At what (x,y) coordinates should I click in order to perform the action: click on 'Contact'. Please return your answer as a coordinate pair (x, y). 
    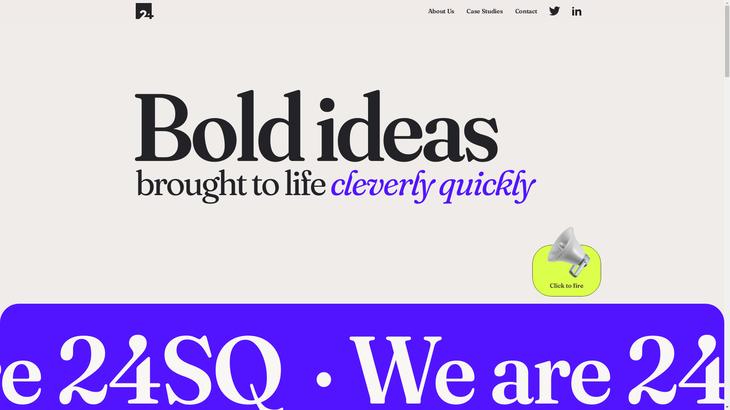
    Looking at the image, I should click on (525, 11).